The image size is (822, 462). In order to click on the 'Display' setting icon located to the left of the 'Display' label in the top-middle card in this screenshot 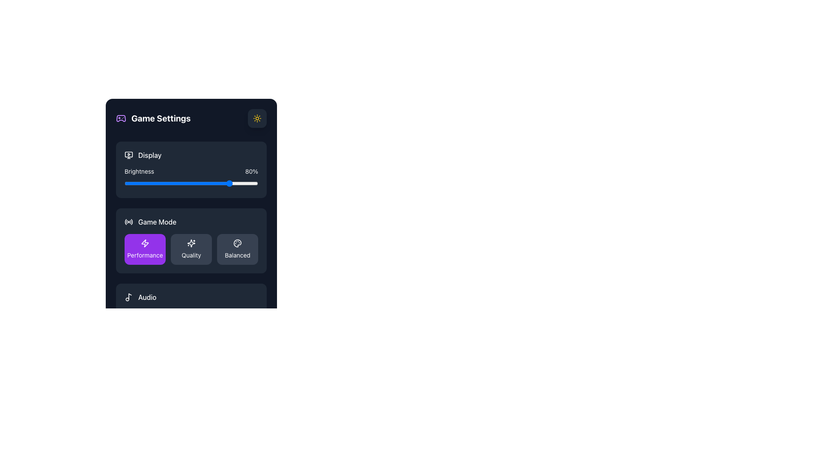, I will do `click(128, 155)`.